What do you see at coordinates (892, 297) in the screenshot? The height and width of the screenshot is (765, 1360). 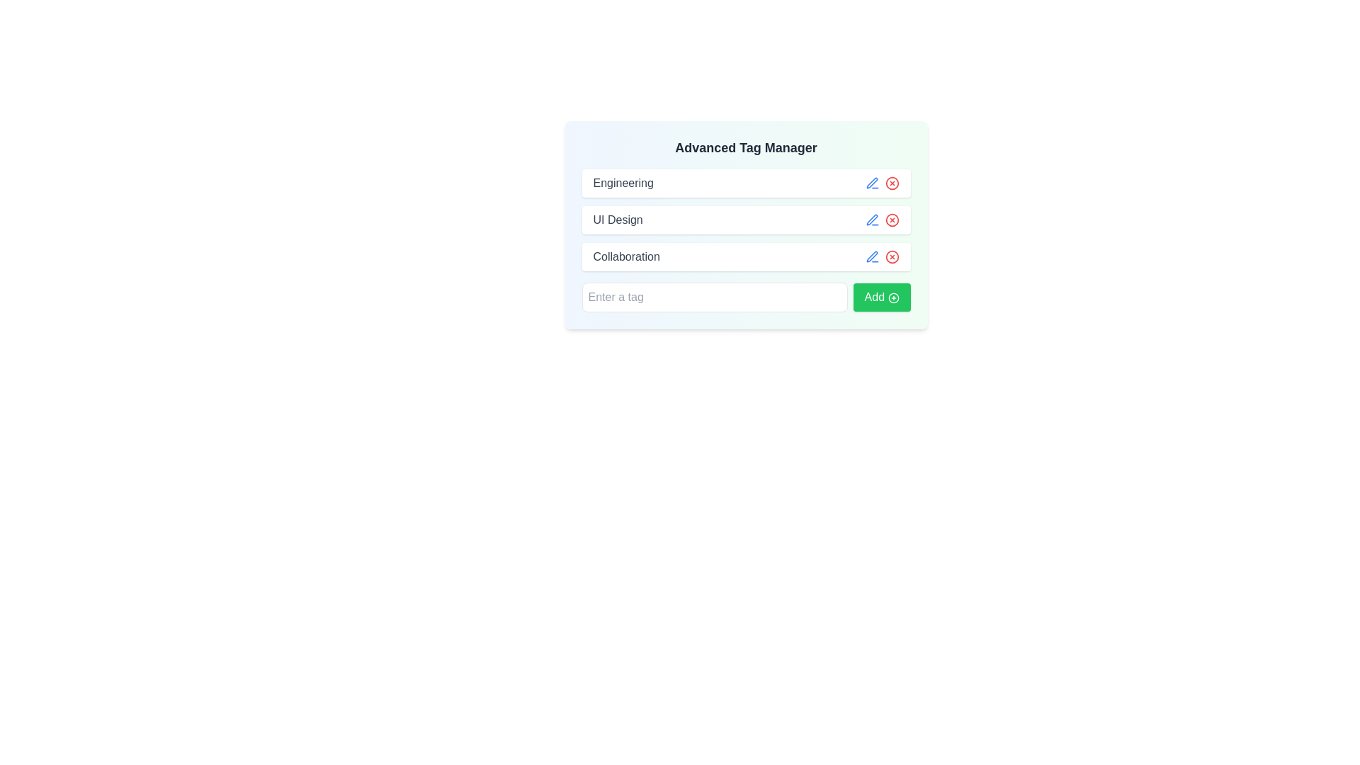 I see `the 'Add' icon located at the bottom-right corner of the 'Add' button, which visually represents the 'Add' action` at bounding box center [892, 297].